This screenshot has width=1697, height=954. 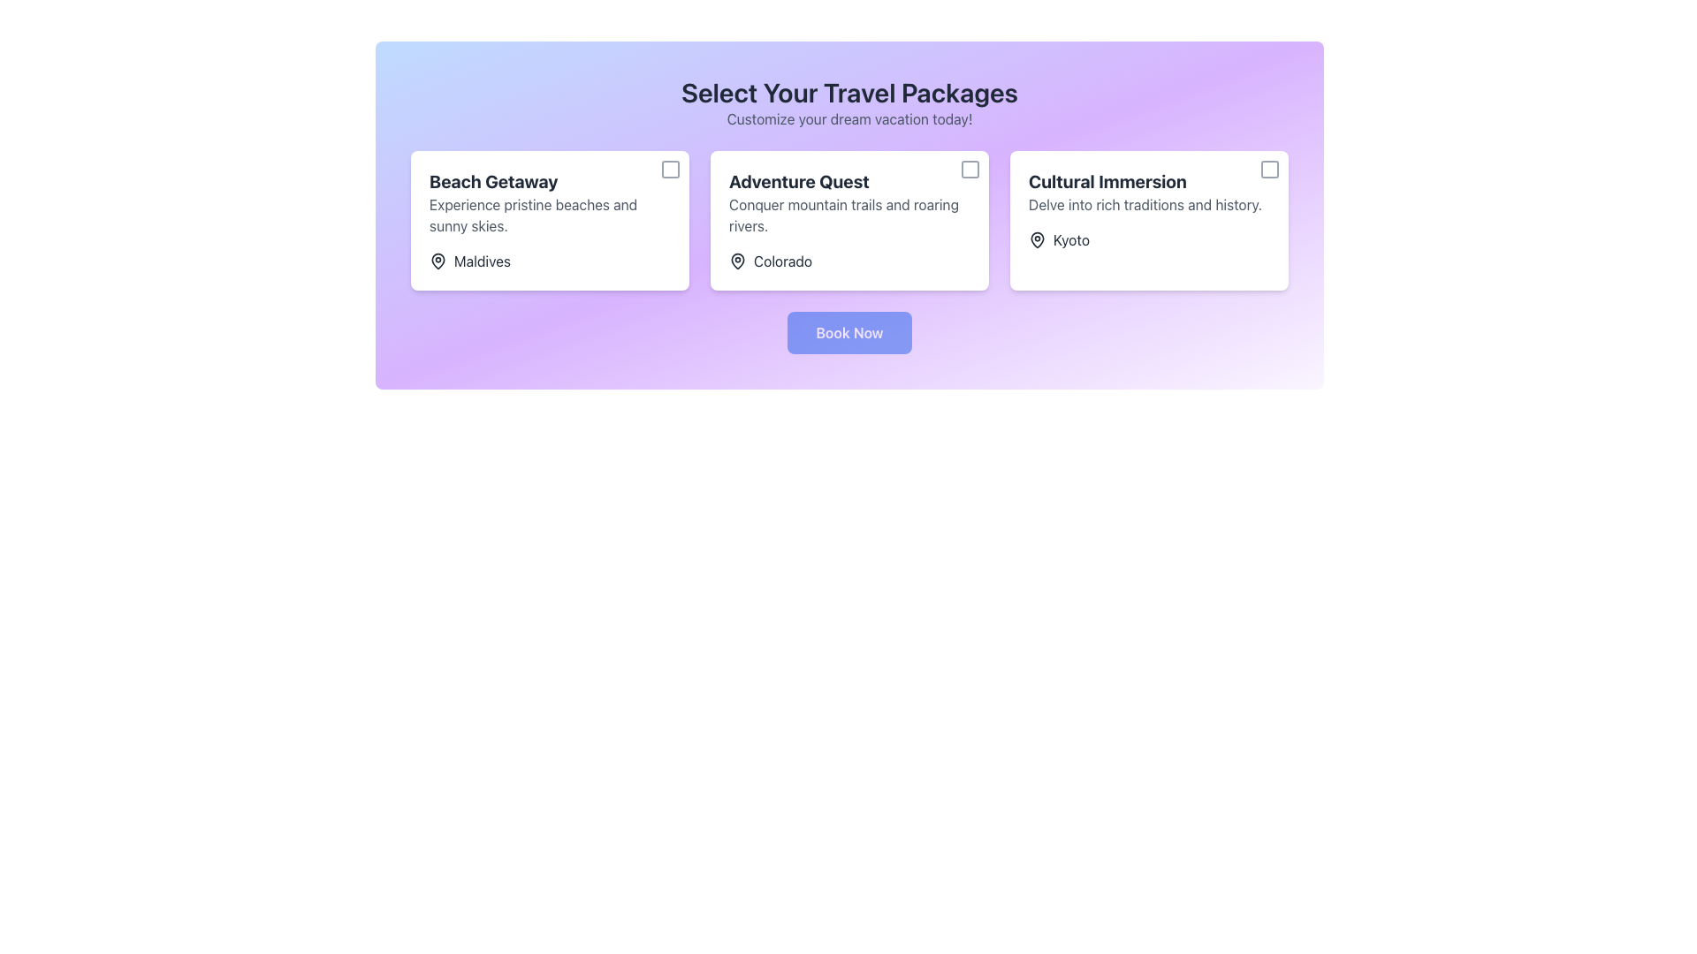 I want to click on the inner rectangle of the SVG icon located at the top-right of the 'Adventure Quest' card, so click(x=970, y=170).